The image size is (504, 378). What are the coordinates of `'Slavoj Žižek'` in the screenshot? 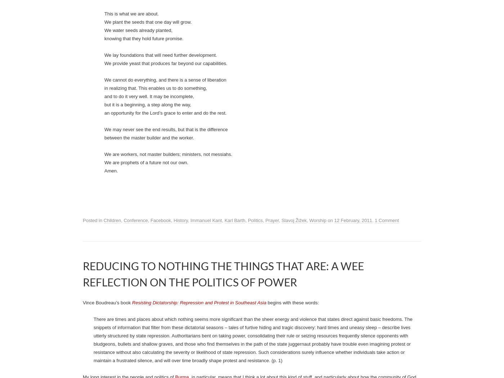 It's located at (136, 69).